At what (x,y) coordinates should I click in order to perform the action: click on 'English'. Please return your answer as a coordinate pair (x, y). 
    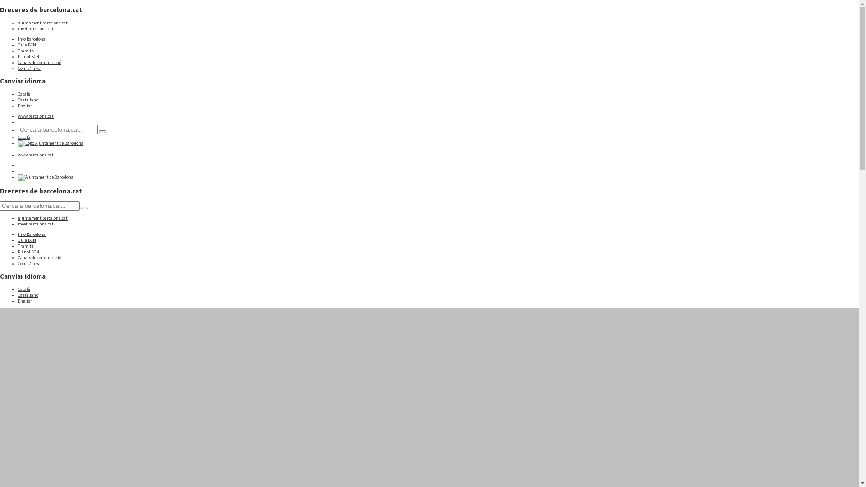
    Looking at the image, I should click on (18, 300).